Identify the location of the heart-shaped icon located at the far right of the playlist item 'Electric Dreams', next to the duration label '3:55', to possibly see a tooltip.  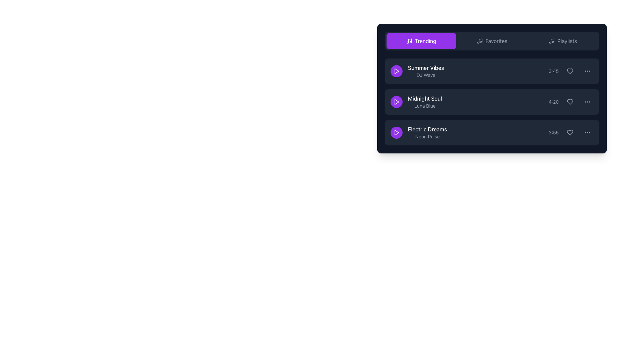
(569, 133).